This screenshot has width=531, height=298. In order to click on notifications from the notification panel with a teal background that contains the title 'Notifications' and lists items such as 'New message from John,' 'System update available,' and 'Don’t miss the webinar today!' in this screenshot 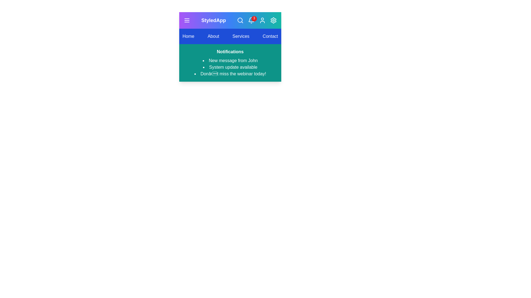, I will do `click(230, 62)`.